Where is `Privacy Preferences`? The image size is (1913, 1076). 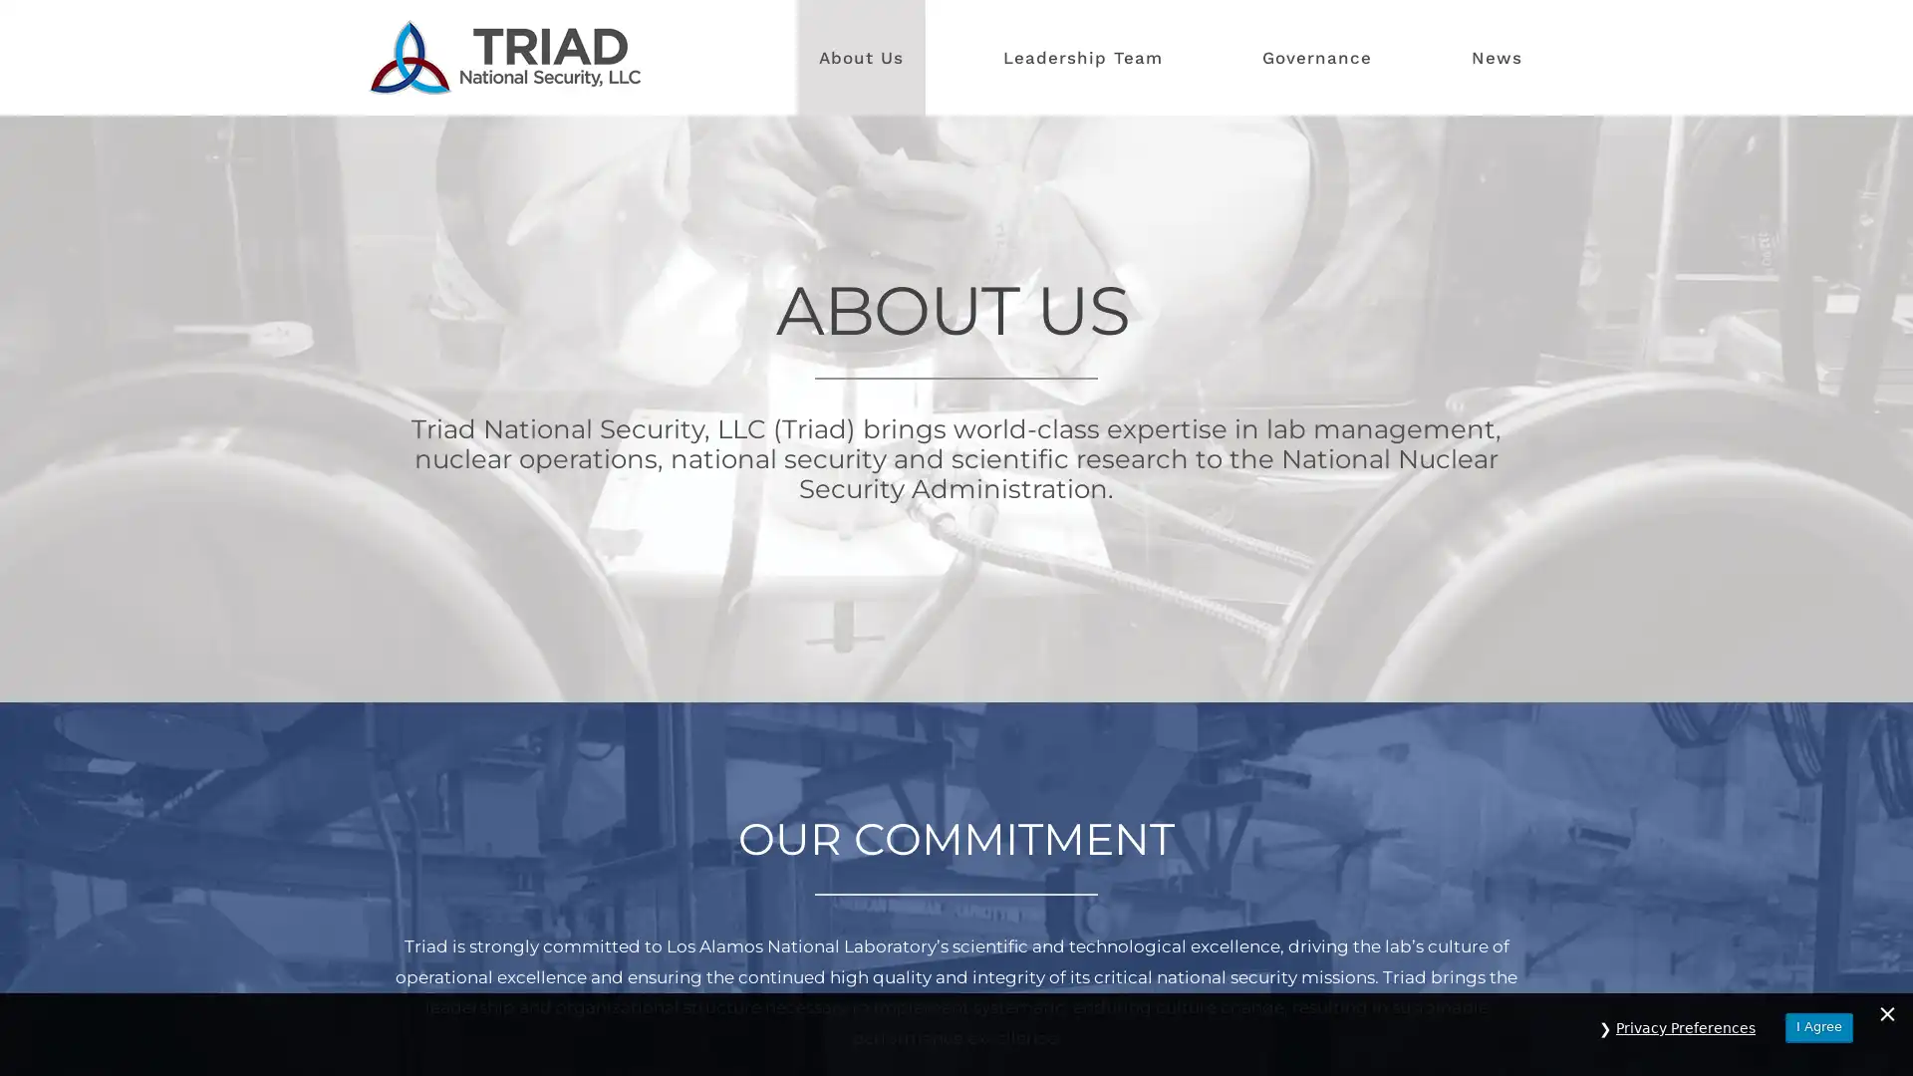 Privacy Preferences is located at coordinates (1685, 1039).